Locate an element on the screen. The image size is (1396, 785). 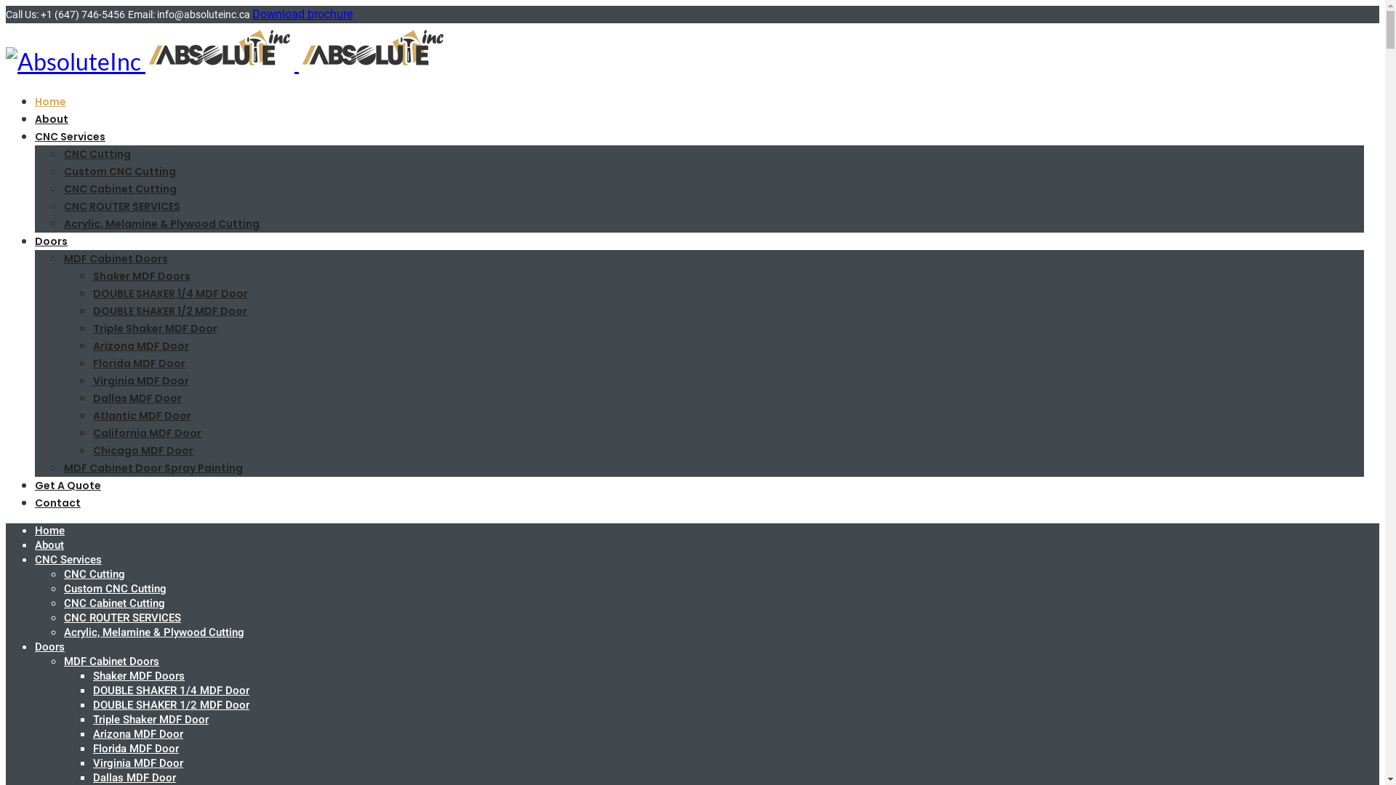
'Contact' is located at coordinates (57, 502).